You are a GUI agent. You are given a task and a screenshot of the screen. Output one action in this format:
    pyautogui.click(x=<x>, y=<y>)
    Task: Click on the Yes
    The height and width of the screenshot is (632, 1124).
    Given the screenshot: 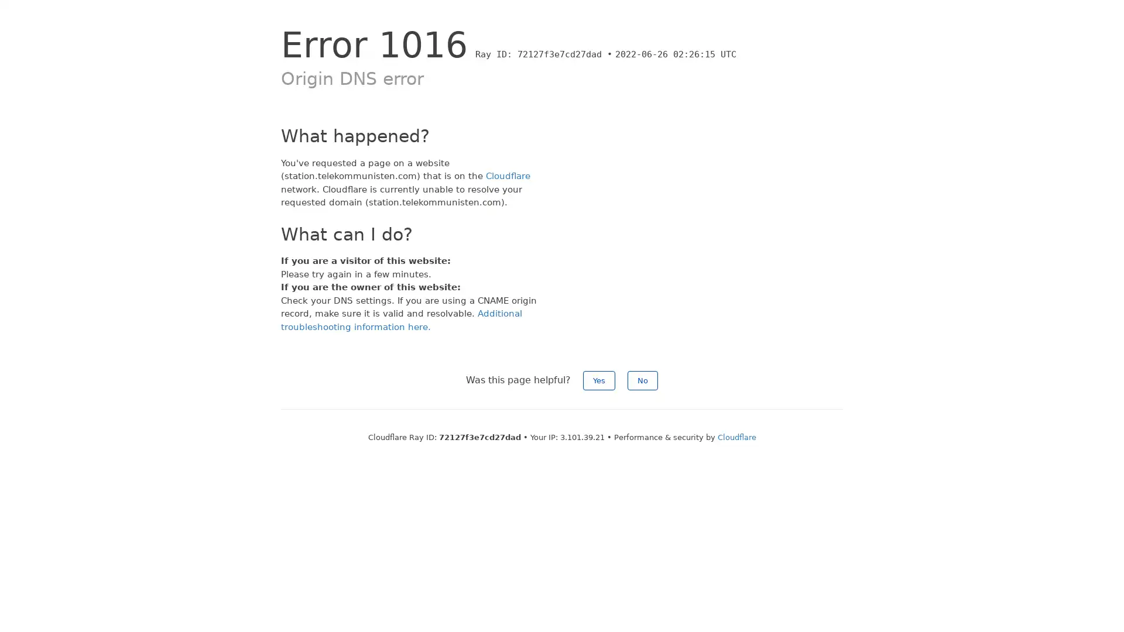 What is the action you would take?
    pyautogui.click(x=599, y=380)
    